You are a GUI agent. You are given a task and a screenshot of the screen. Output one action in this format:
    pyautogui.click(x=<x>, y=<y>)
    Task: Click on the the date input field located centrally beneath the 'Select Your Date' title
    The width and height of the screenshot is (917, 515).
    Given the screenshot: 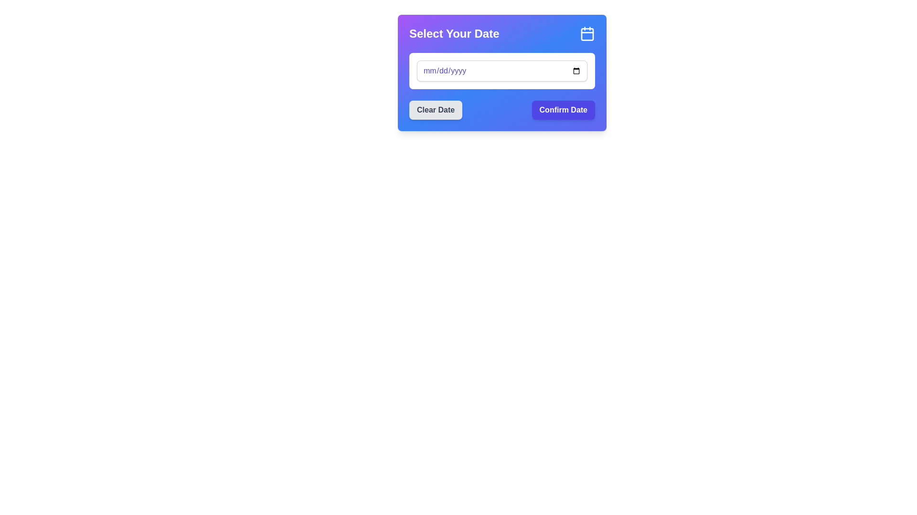 What is the action you would take?
    pyautogui.click(x=501, y=71)
    